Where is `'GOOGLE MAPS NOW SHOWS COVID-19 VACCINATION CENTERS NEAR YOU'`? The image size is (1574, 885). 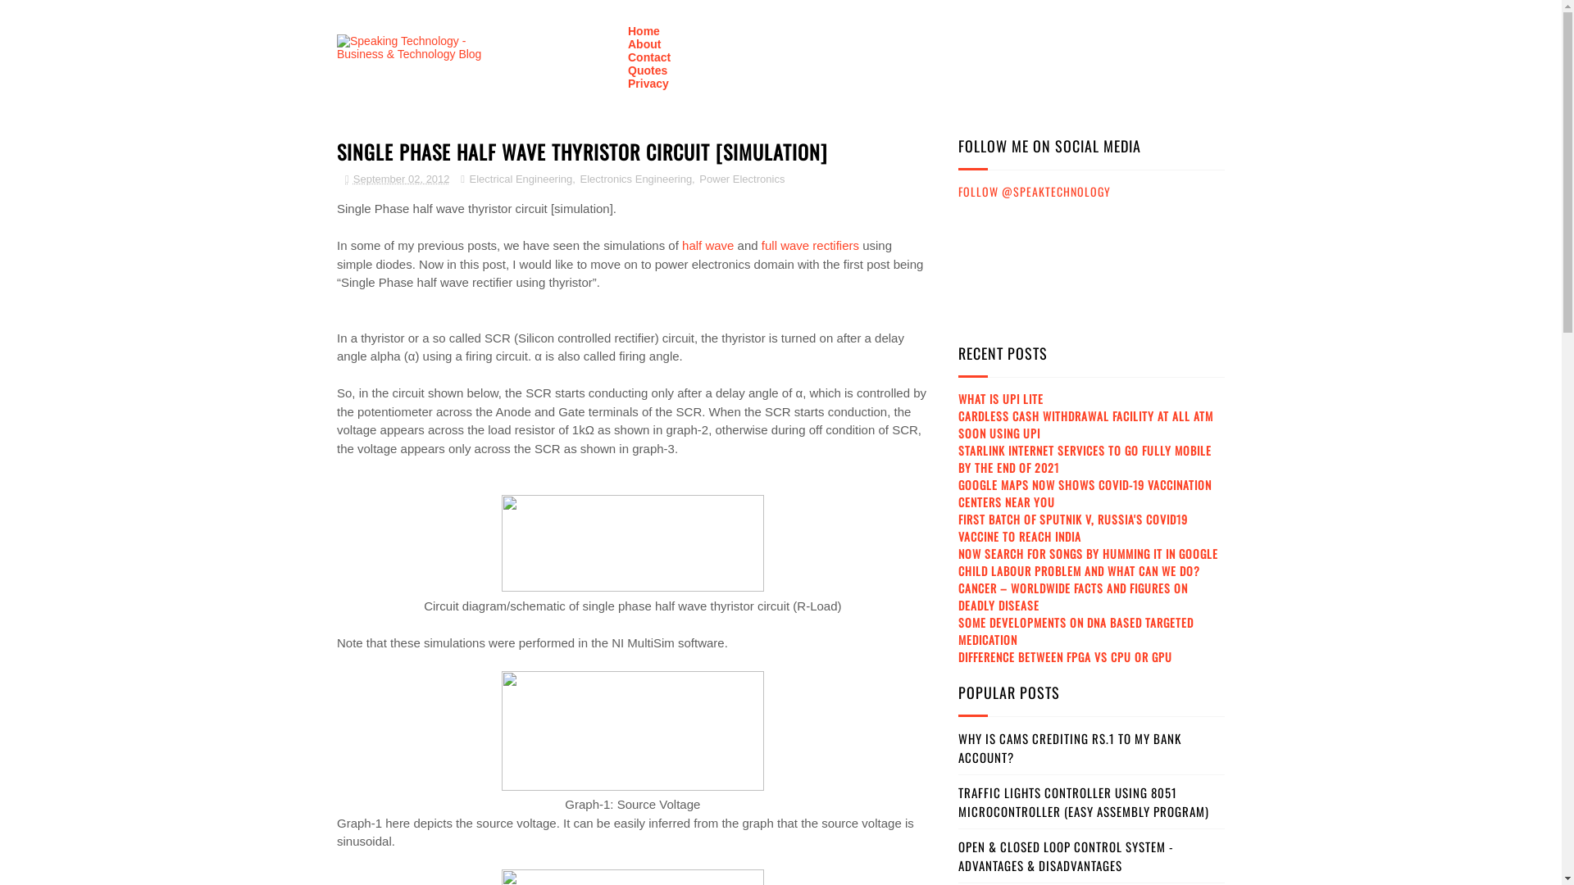
'GOOGLE MAPS NOW SHOWS COVID-19 VACCINATION CENTERS NEAR YOU' is located at coordinates (1085, 492).